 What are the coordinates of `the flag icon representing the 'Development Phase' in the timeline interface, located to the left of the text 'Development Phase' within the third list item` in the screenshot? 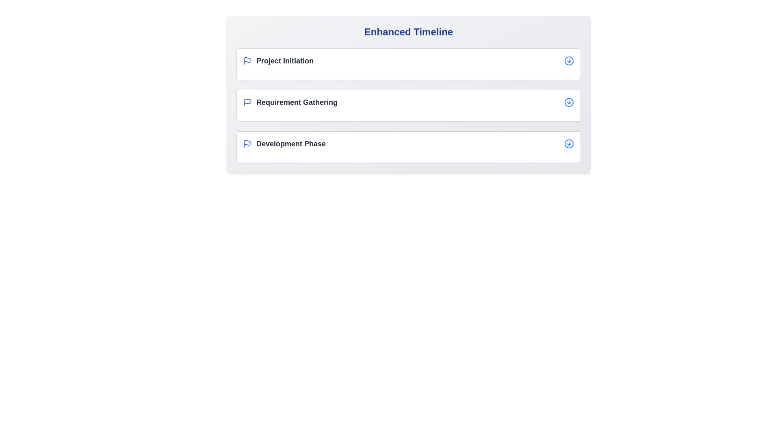 It's located at (247, 143).